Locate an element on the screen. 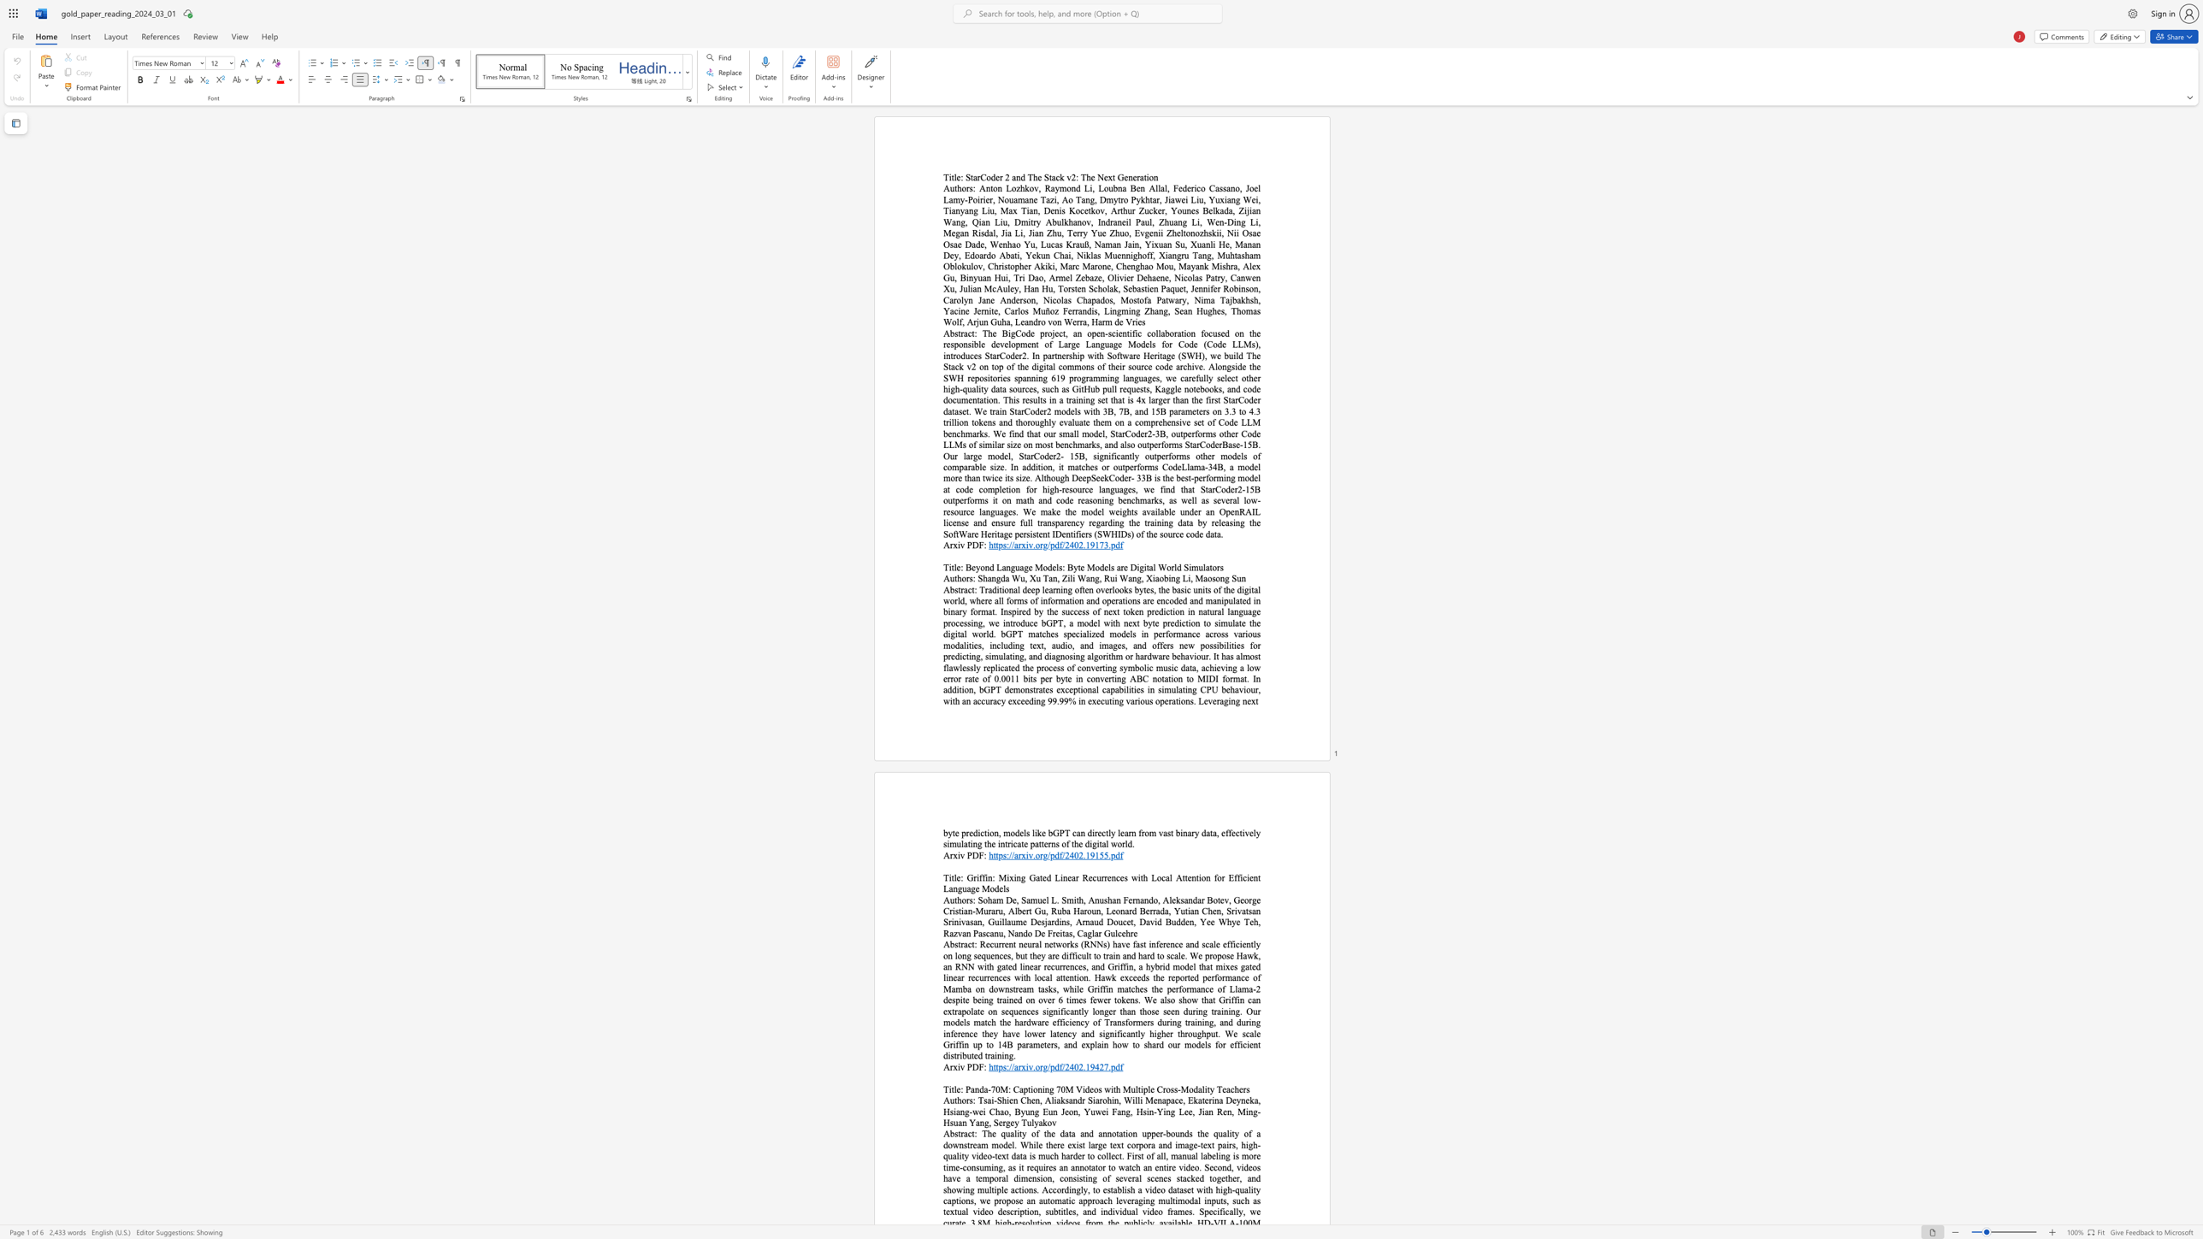 The height and width of the screenshot is (1239, 2203). the subset text "ula" within the text "Beyond Language Models: Byte Models are Digital World Simulators" is located at coordinates (1198, 567).